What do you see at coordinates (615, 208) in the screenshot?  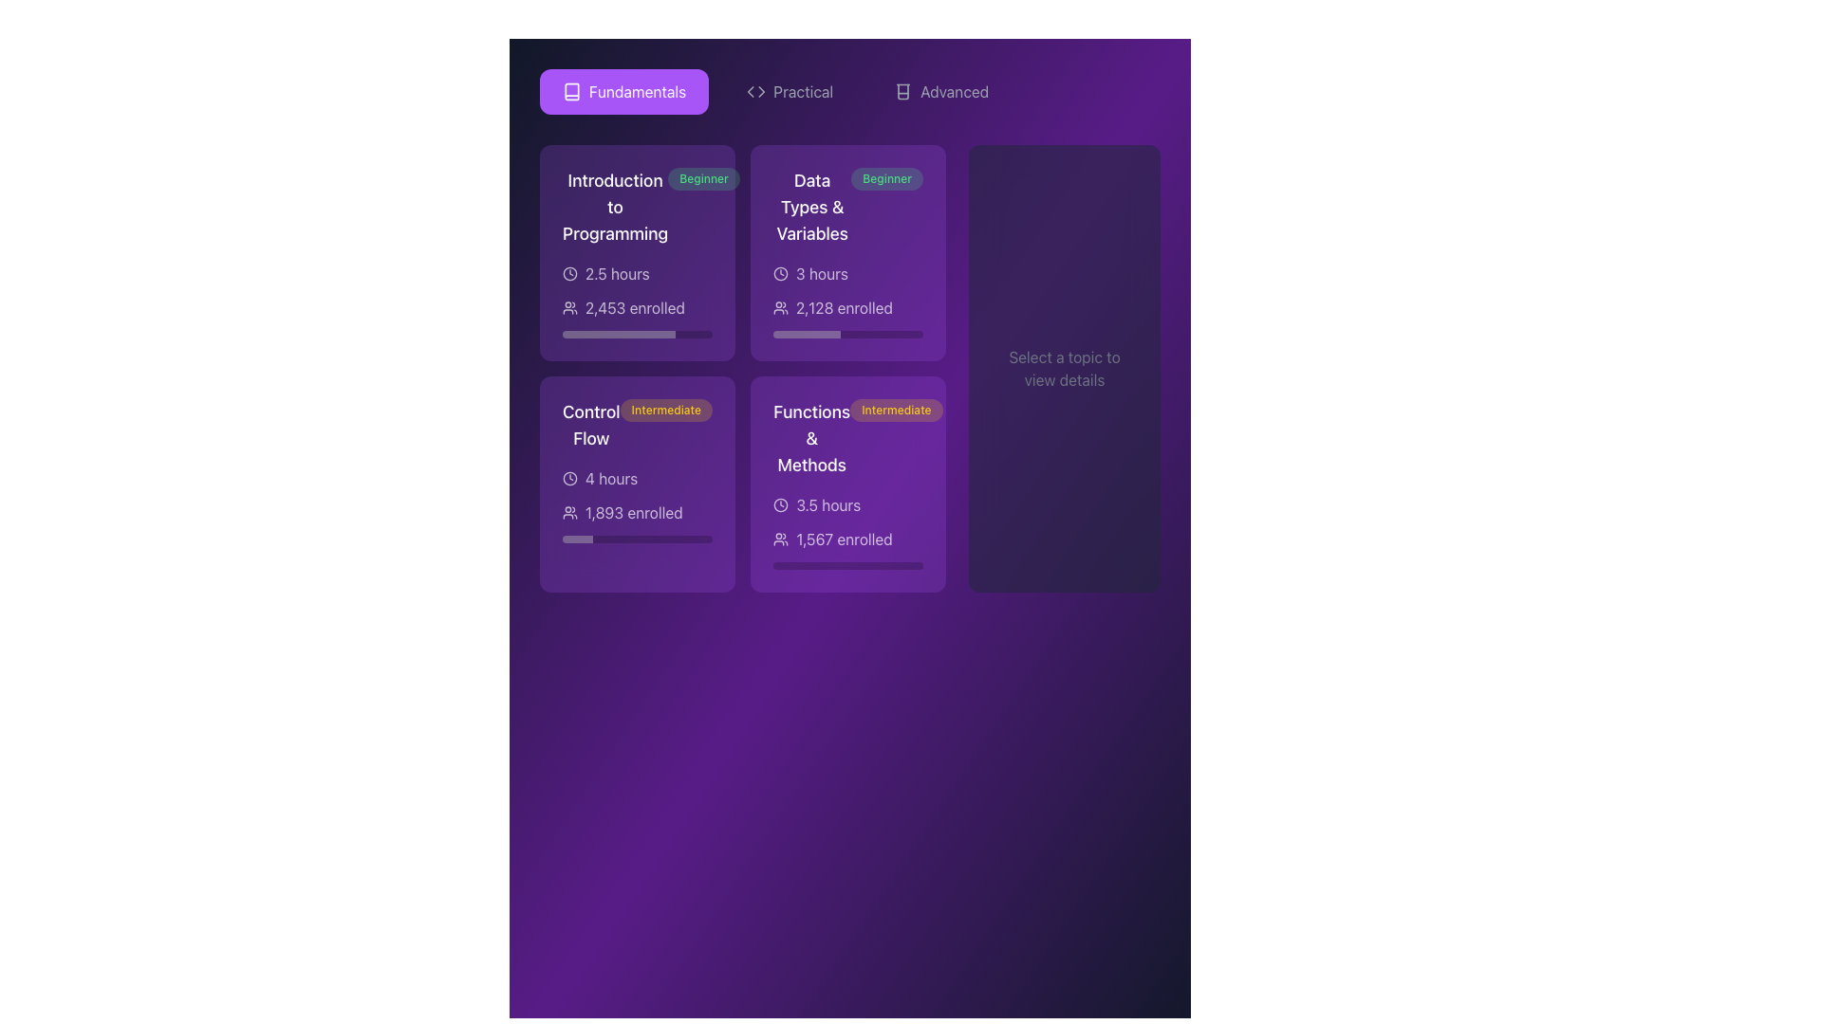 I see `text content of the text label displaying 'Introduction to Programming' styled with a medium white font on a purple background, located in the top-left card of a grid` at bounding box center [615, 208].